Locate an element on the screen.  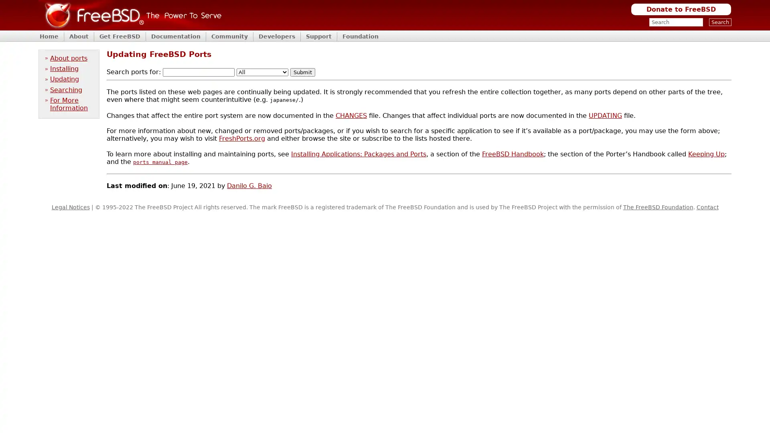
Search is located at coordinates (720, 22).